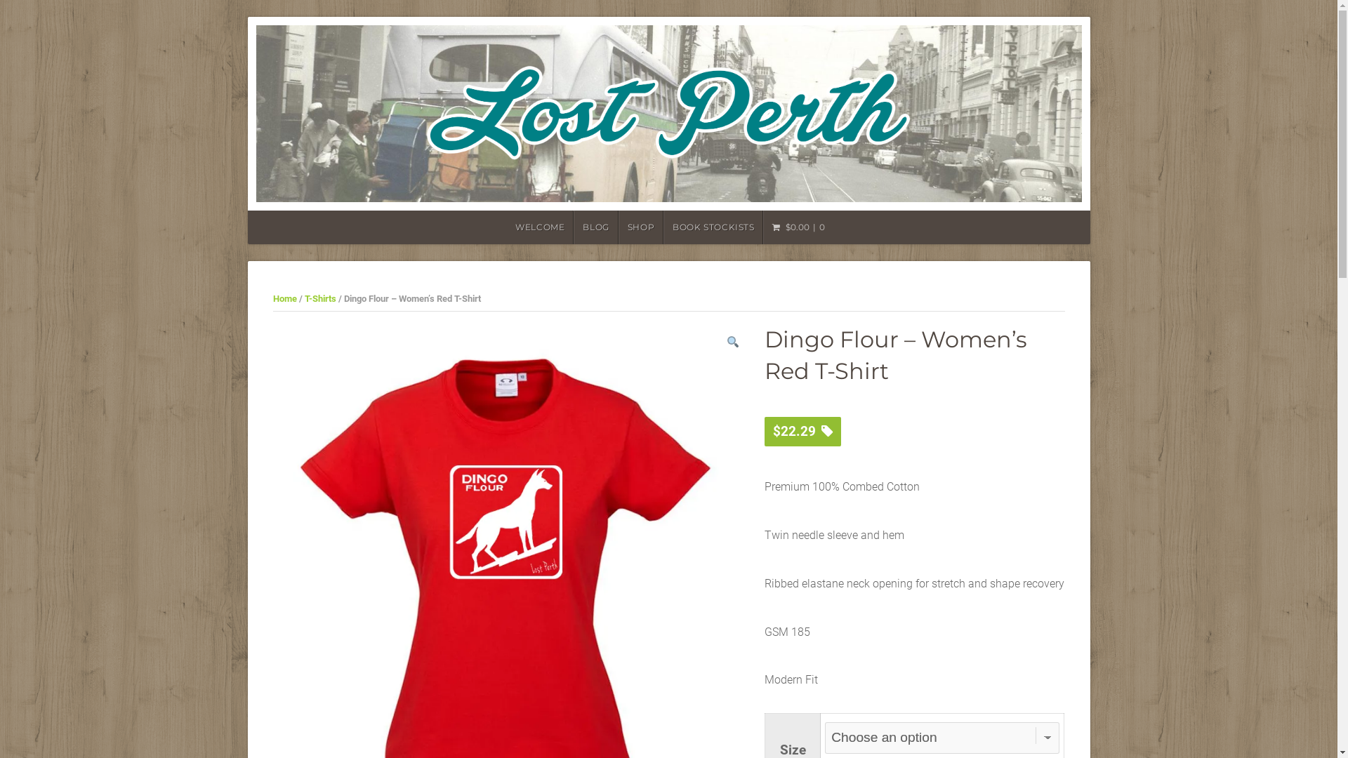 This screenshot has height=758, width=1348. What do you see at coordinates (640, 227) in the screenshot?
I see `'SHOP'` at bounding box center [640, 227].